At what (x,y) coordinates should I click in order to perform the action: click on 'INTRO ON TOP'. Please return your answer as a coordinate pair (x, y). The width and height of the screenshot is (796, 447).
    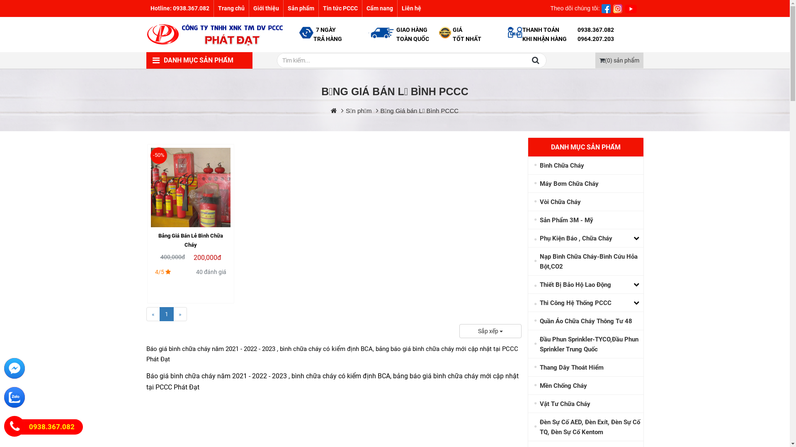
    Looking at the image, I should click on (630, 8).